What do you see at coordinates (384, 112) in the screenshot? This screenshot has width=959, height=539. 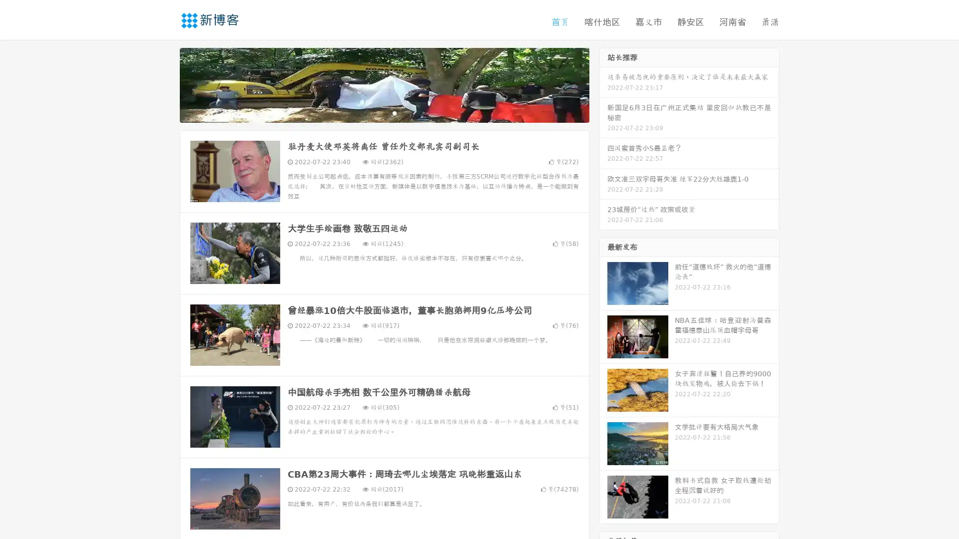 I see `Go to slide 2` at bounding box center [384, 112].